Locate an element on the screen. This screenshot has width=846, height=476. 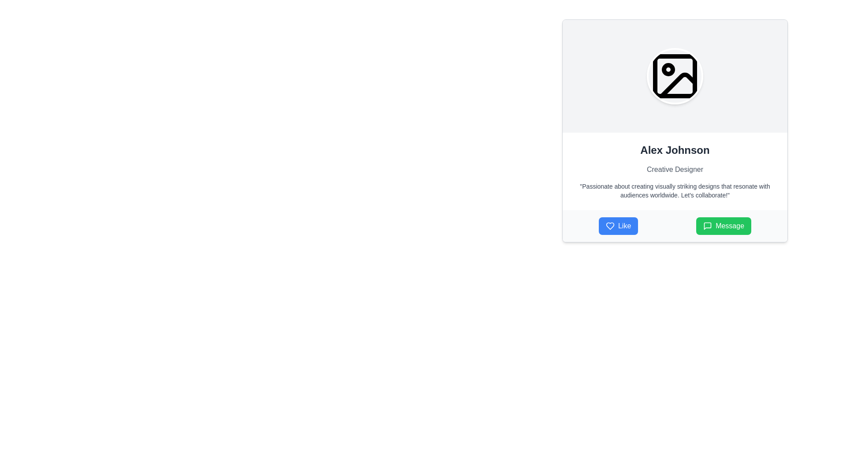
the black rectangular element with rounded corners located at the top-left corner of the avatar icon in the profile card layout is located at coordinates (674, 76).